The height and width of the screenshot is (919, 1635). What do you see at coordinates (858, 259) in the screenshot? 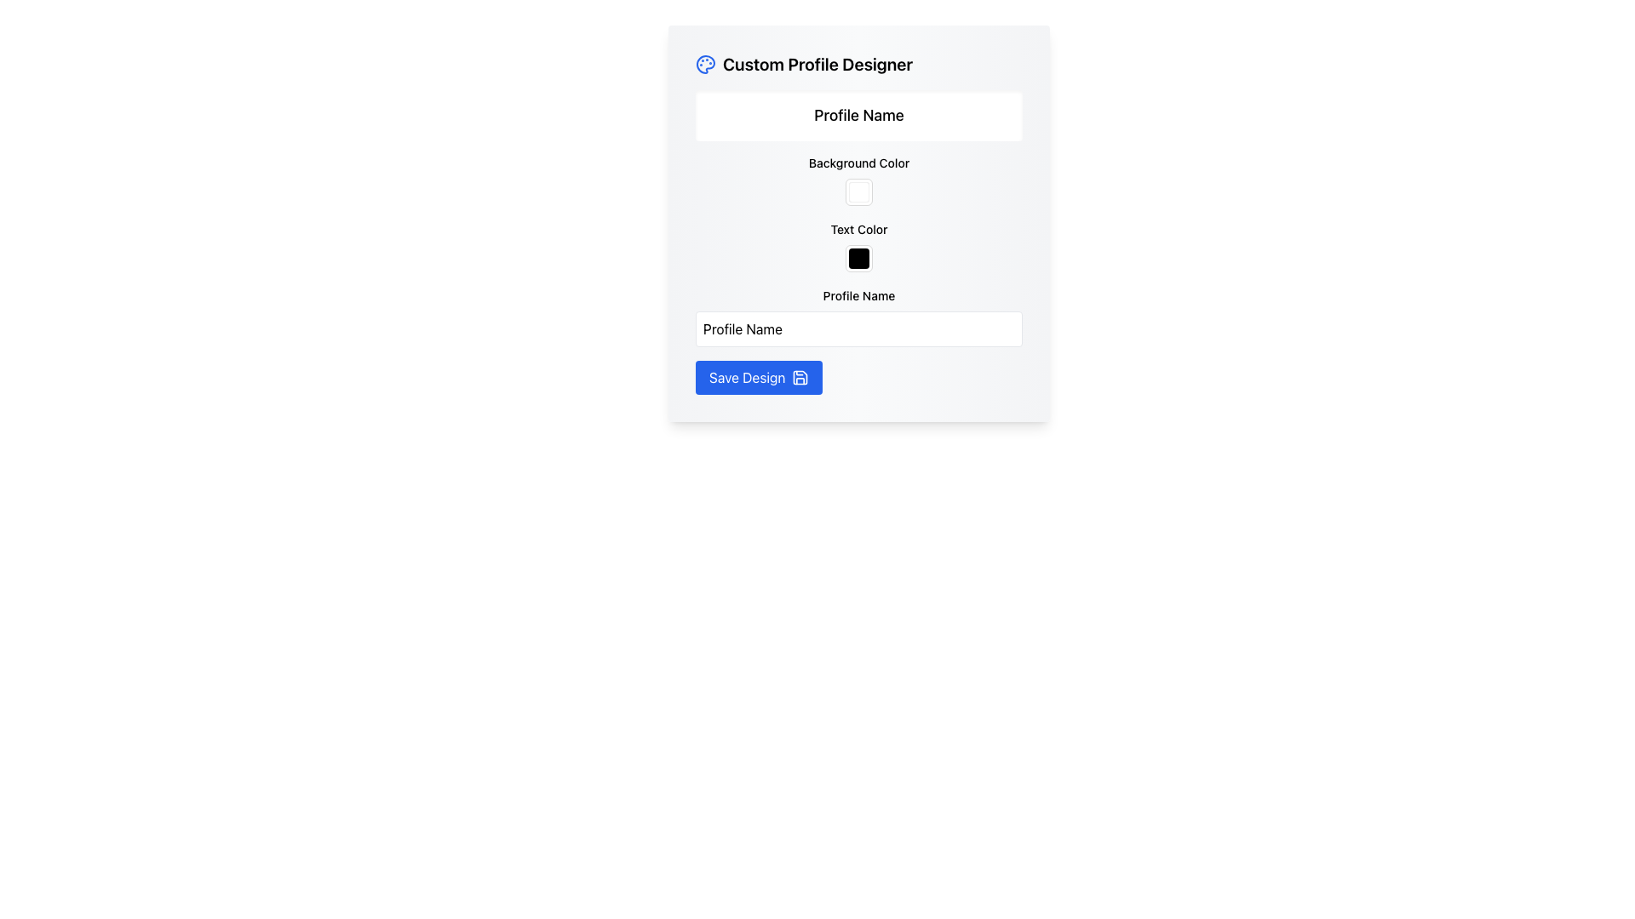
I see `the Color Block located below the 'Text Color' label in the color picker interface` at bounding box center [858, 259].